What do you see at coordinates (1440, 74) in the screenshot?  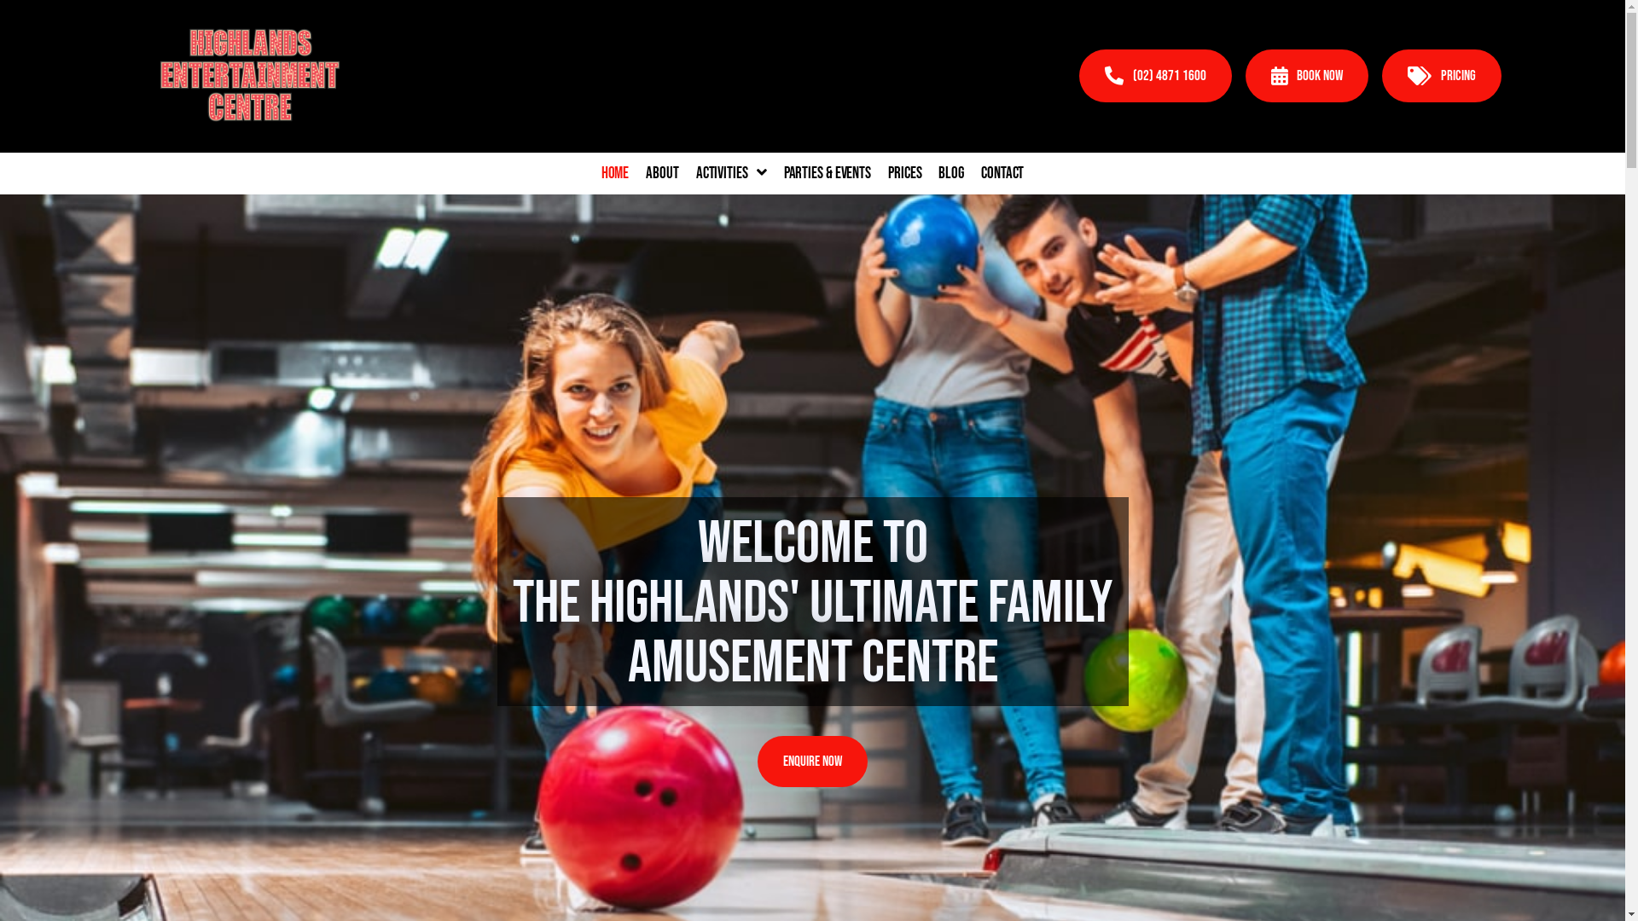 I see `'PRICING'` at bounding box center [1440, 74].